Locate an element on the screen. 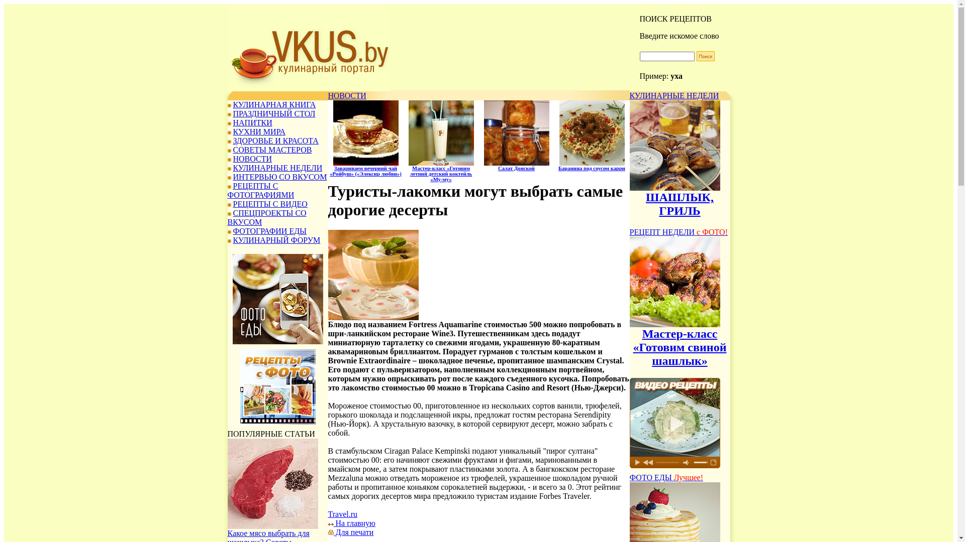 The height and width of the screenshot is (542, 965). 'Travel.ru' is located at coordinates (342, 514).